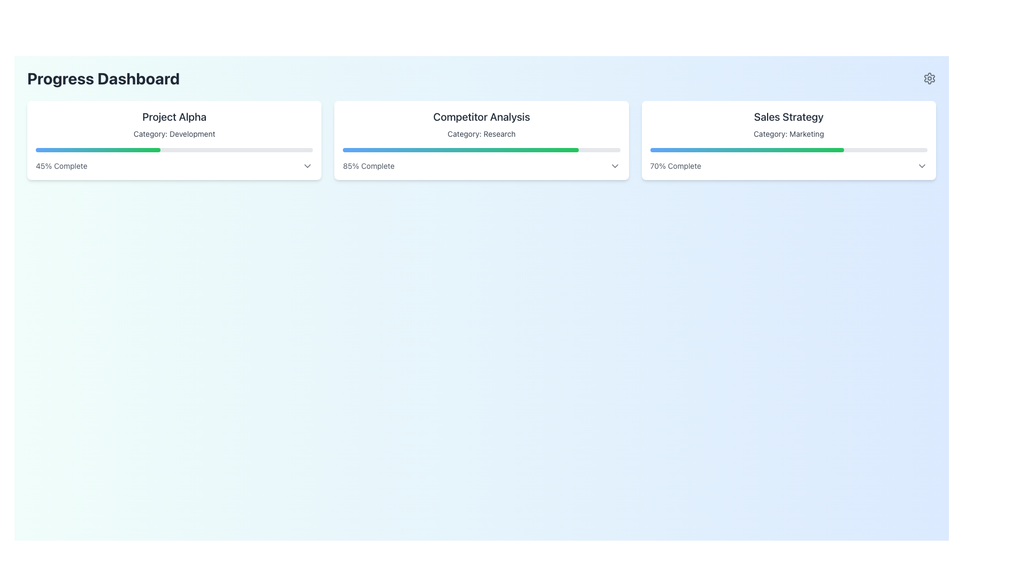 Image resolution: width=1027 pixels, height=577 pixels. What do you see at coordinates (921, 166) in the screenshot?
I see `the chevron icon button located in the bottom-right section of the 'Sales Strategy' progress card` at bounding box center [921, 166].